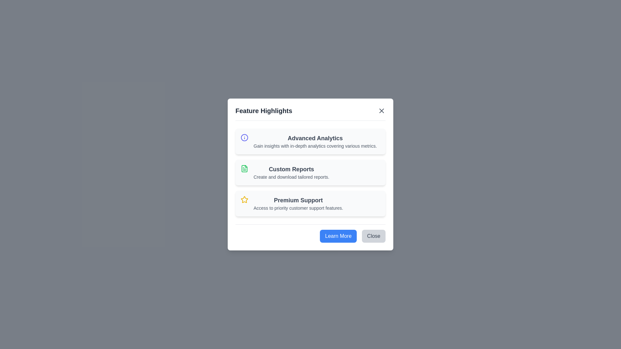 This screenshot has height=349, width=621. I want to click on the descriptive text element located below the 'Advanced Analytics' header in the first highlighted feature box of the dialog, so click(315, 146).